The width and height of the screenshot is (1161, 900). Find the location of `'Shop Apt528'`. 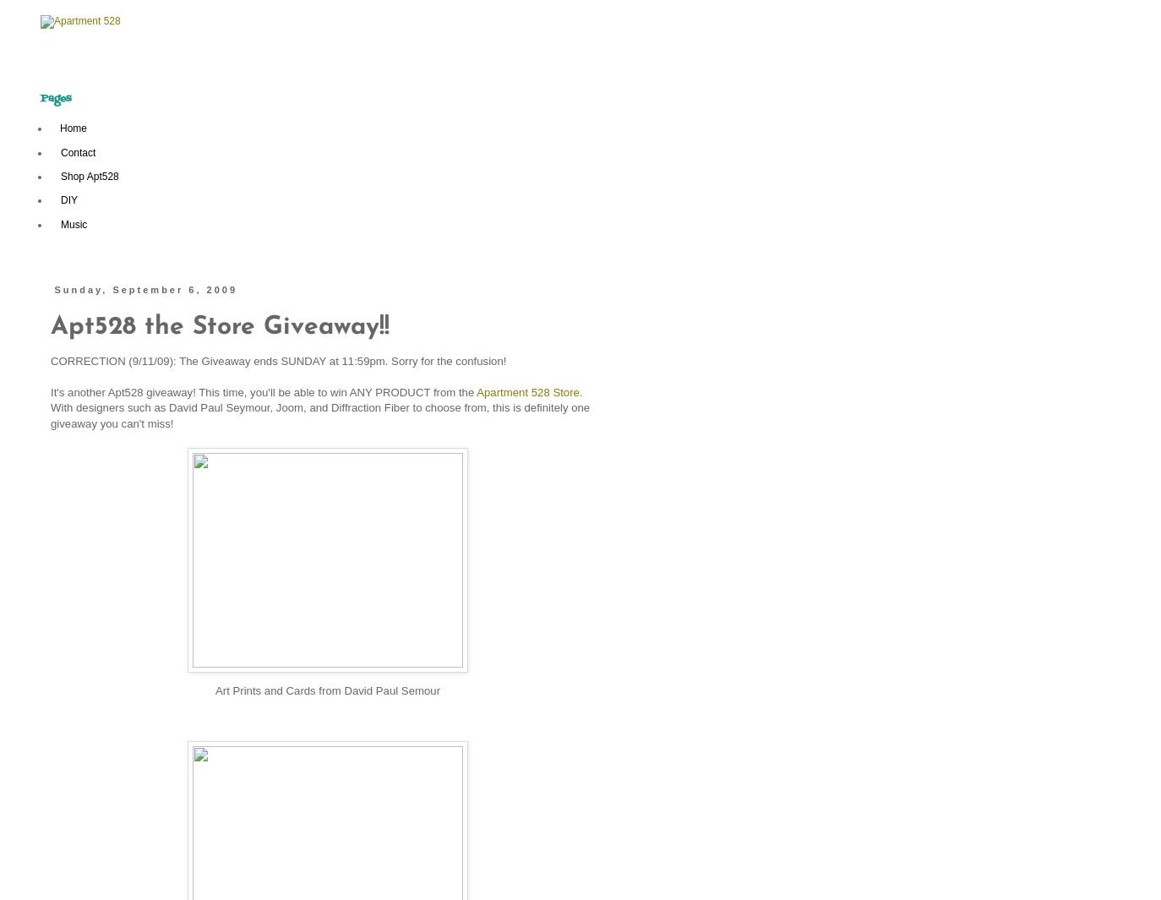

'Shop Apt528' is located at coordinates (88, 174).